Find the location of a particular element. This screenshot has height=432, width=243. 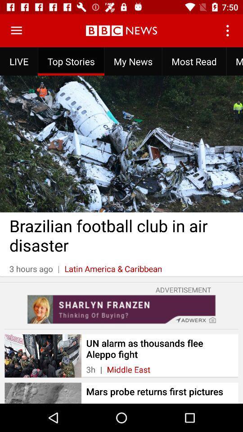

advertisement page is located at coordinates (121, 309).